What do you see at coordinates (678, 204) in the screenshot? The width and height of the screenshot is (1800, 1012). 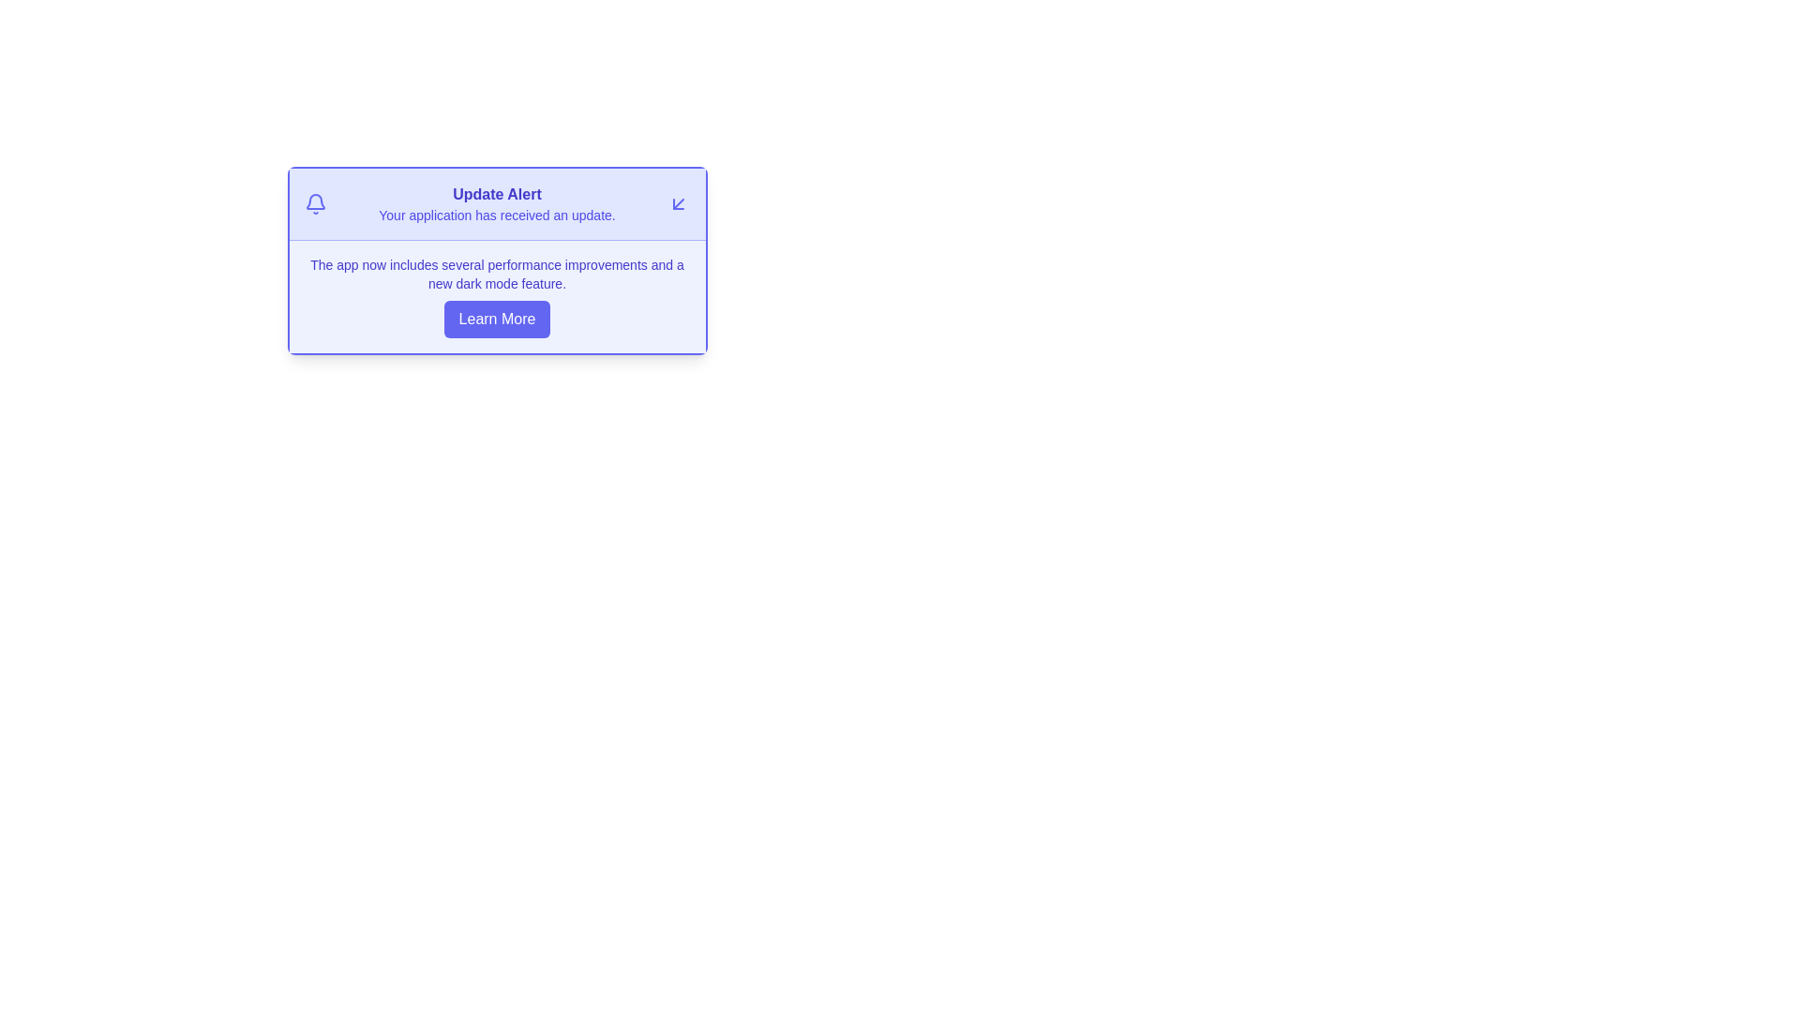 I see `the arrow button to toggle the visibility of the details section` at bounding box center [678, 204].